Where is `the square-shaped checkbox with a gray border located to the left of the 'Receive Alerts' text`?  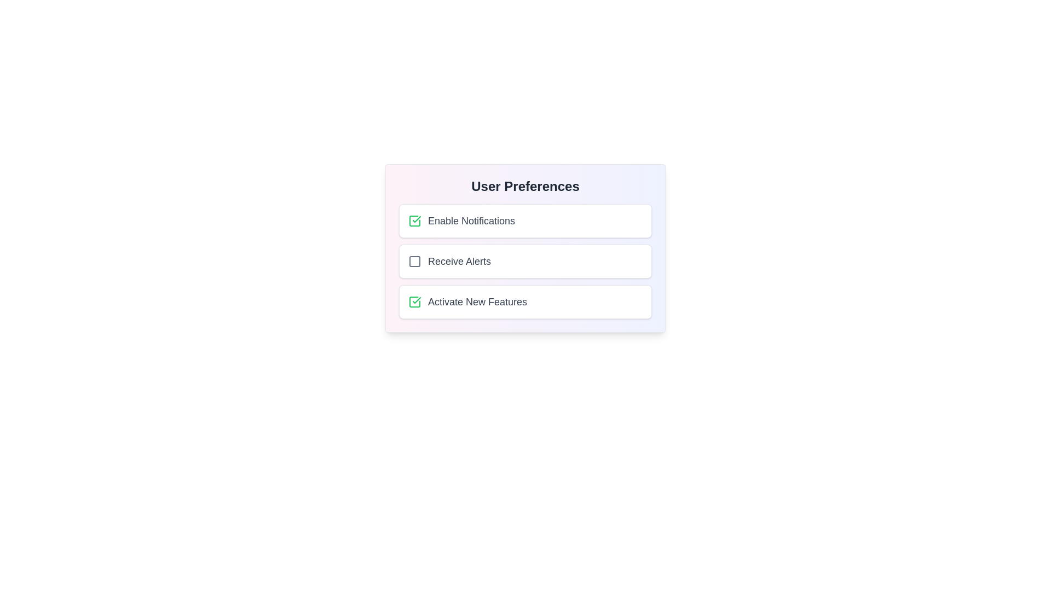
the square-shaped checkbox with a gray border located to the left of the 'Receive Alerts' text is located at coordinates (414, 262).